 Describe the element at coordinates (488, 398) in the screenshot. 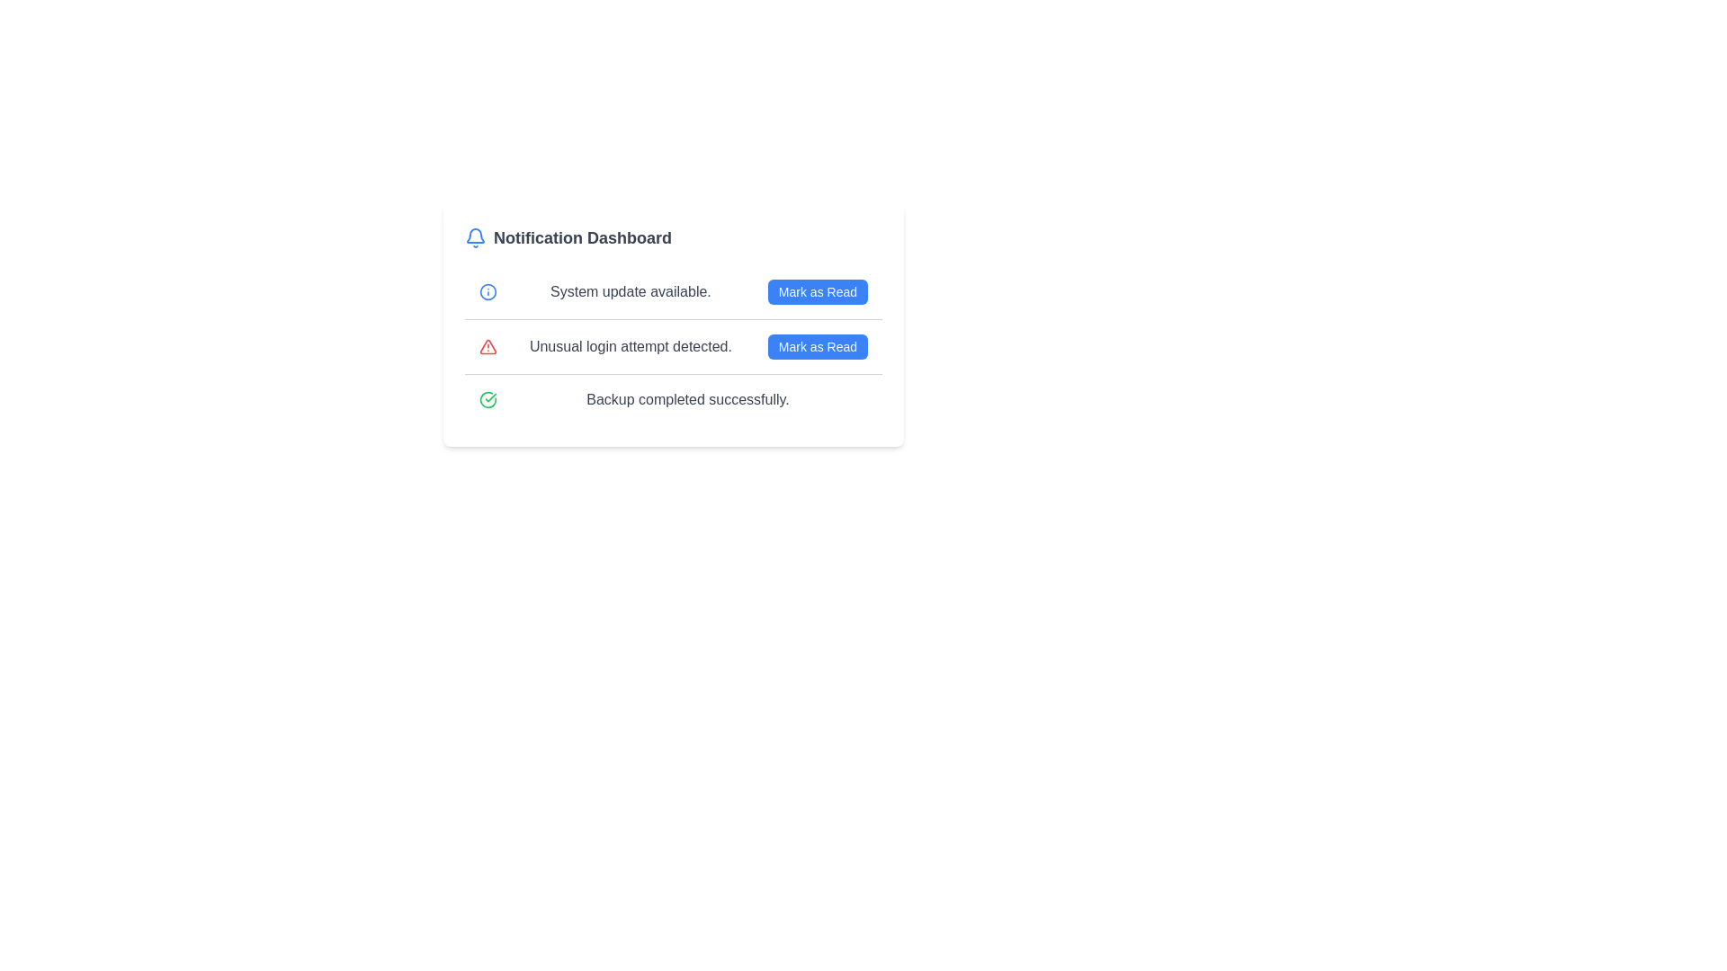

I see `the circular vector graphic with a bold stroke and partial arc shape, styled in green, located in the bottom-left of the 'Backup completed successfully.' notification row` at that location.